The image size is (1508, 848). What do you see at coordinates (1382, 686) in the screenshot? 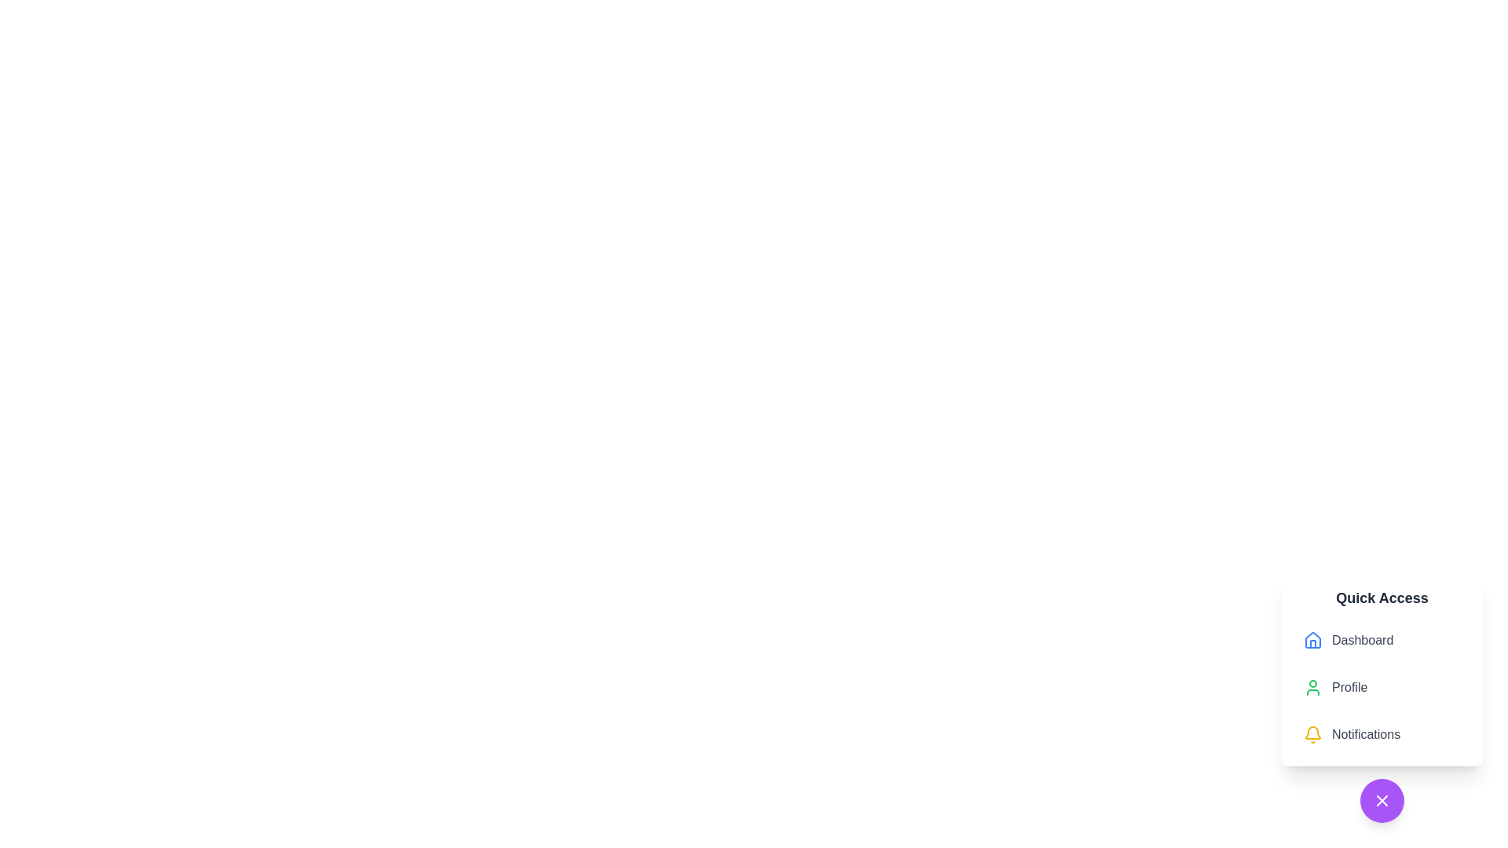
I see `the navigation items in the center section of the 'Quick Access' panel located in the bottom-right of the application` at bounding box center [1382, 686].